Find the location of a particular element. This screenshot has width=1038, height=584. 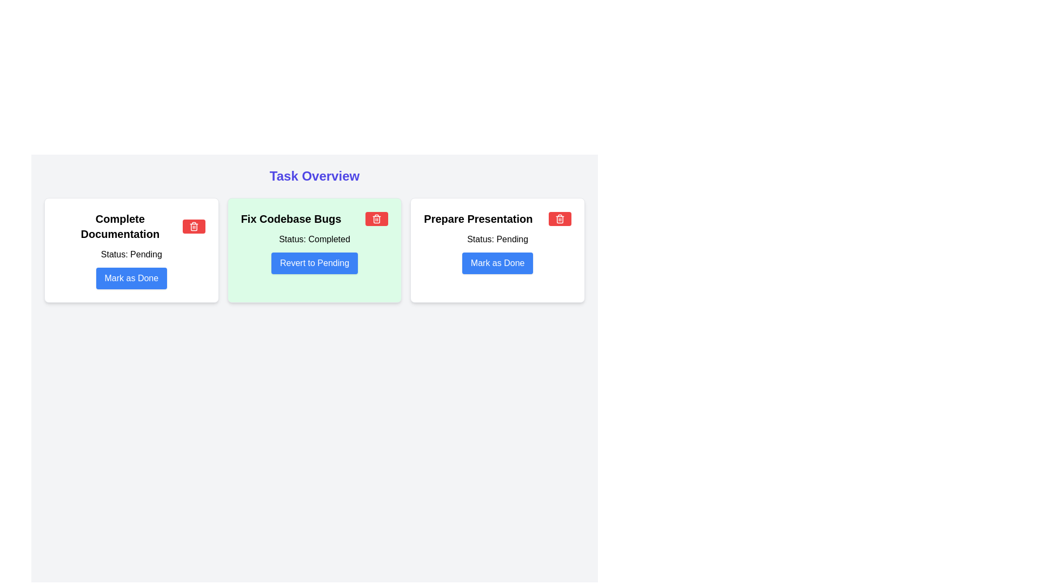

text label displaying 'Status: Pending' located below the title and icon within the 'Complete Documentation' card, above the 'Mark as Done' button is located at coordinates (131, 254).